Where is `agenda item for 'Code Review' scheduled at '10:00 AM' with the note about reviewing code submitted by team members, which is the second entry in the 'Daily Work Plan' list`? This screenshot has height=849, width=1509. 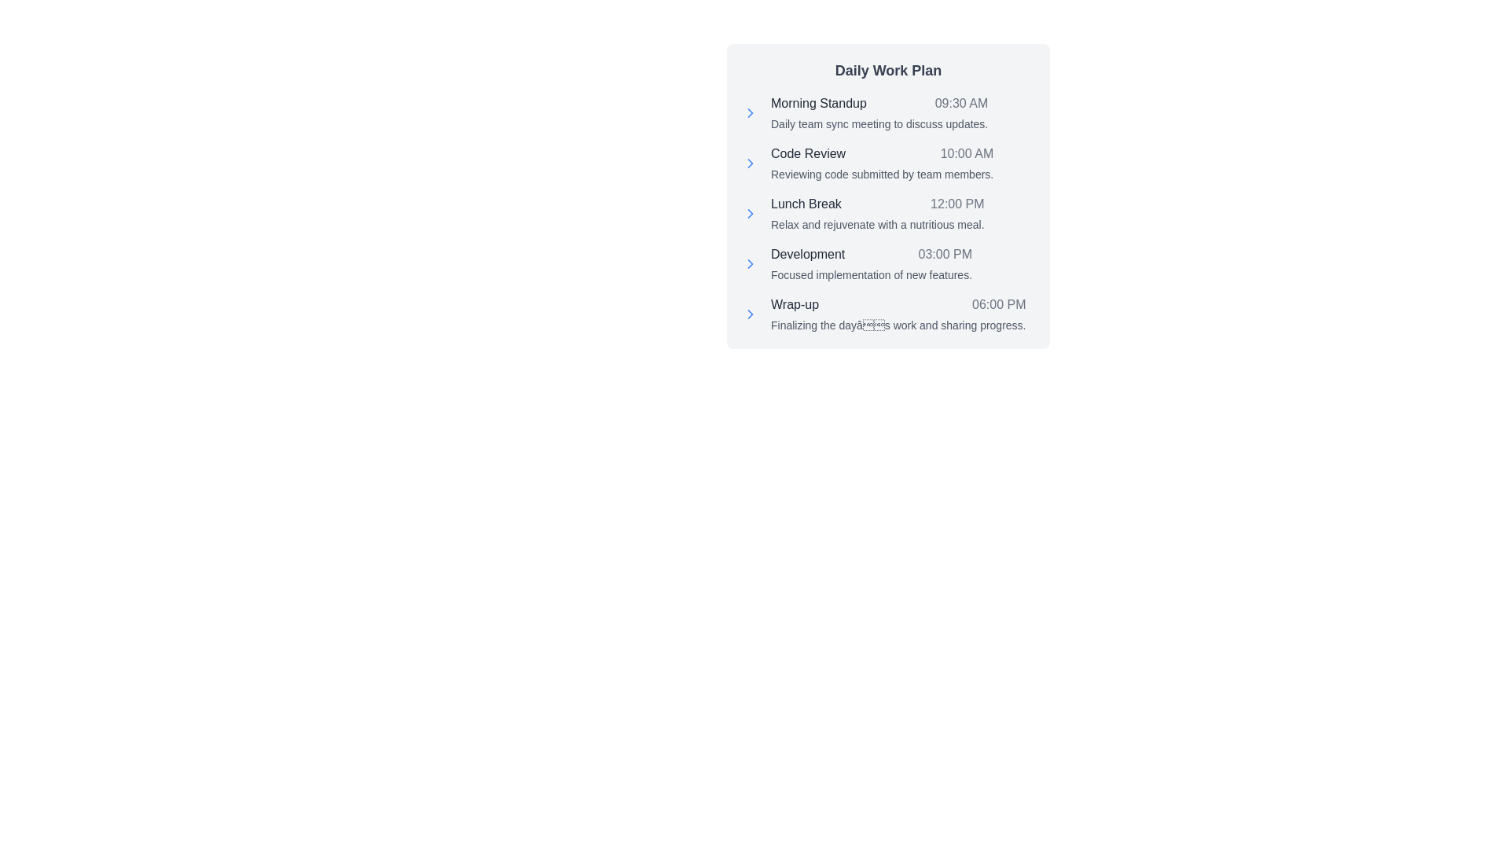
agenda item for 'Code Review' scheduled at '10:00 AM' with the note about reviewing code submitted by team members, which is the second entry in the 'Daily Work Plan' list is located at coordinates (888, 164).